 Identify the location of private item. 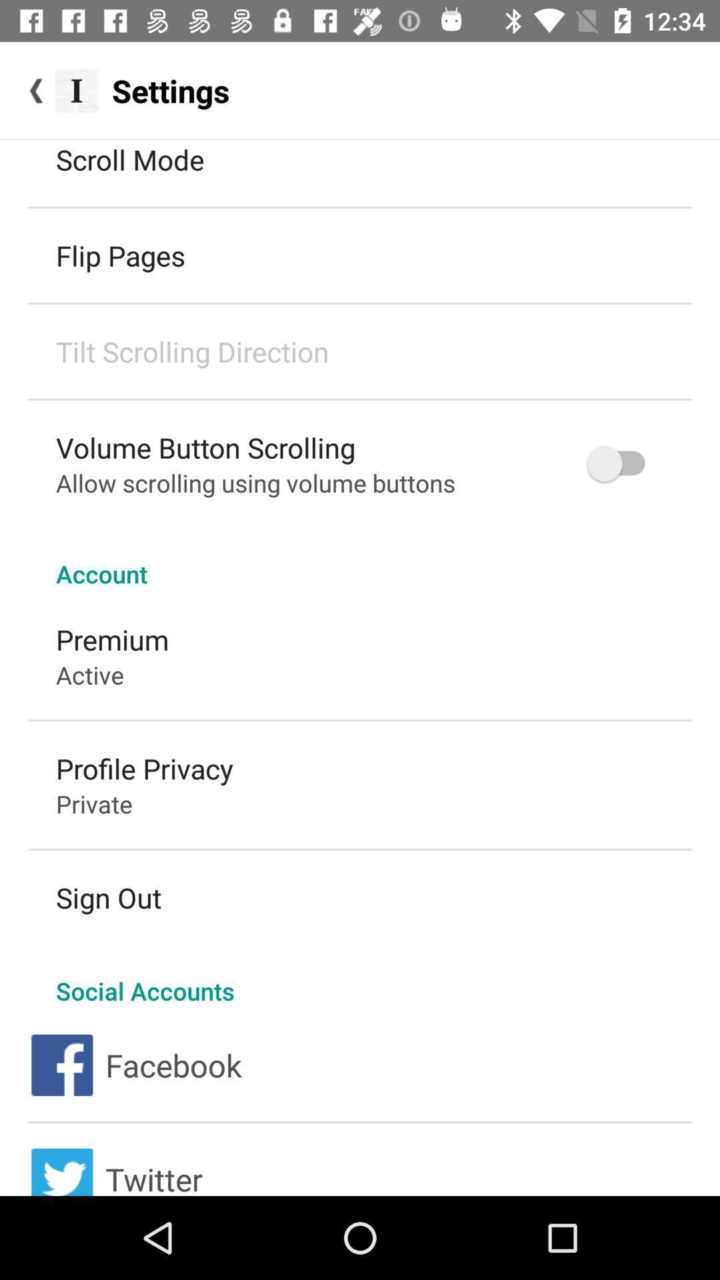
(93, 803).